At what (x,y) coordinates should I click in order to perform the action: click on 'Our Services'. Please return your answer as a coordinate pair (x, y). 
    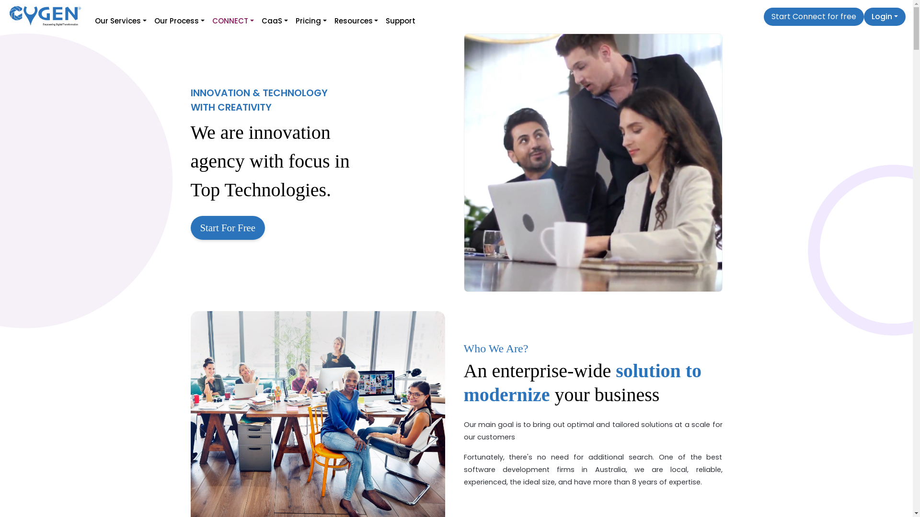
    Looking at the image, I should click on (91, 17).